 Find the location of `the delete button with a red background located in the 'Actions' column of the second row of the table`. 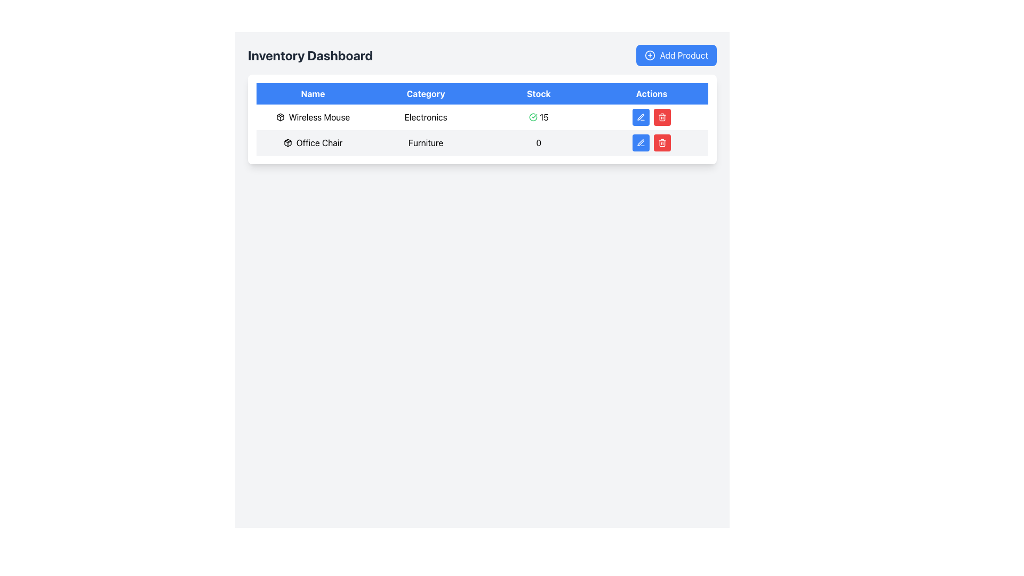

the delete button with a red background located in the 'Actions' column of the second row of the table is located at coordinates (662, 117).